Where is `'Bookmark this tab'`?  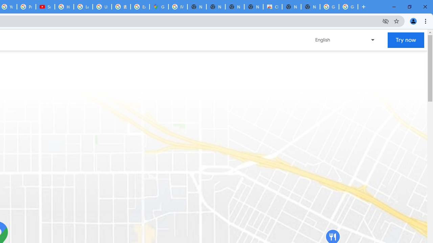
'Bookmark this tab' is located at coordinates (396, 21).